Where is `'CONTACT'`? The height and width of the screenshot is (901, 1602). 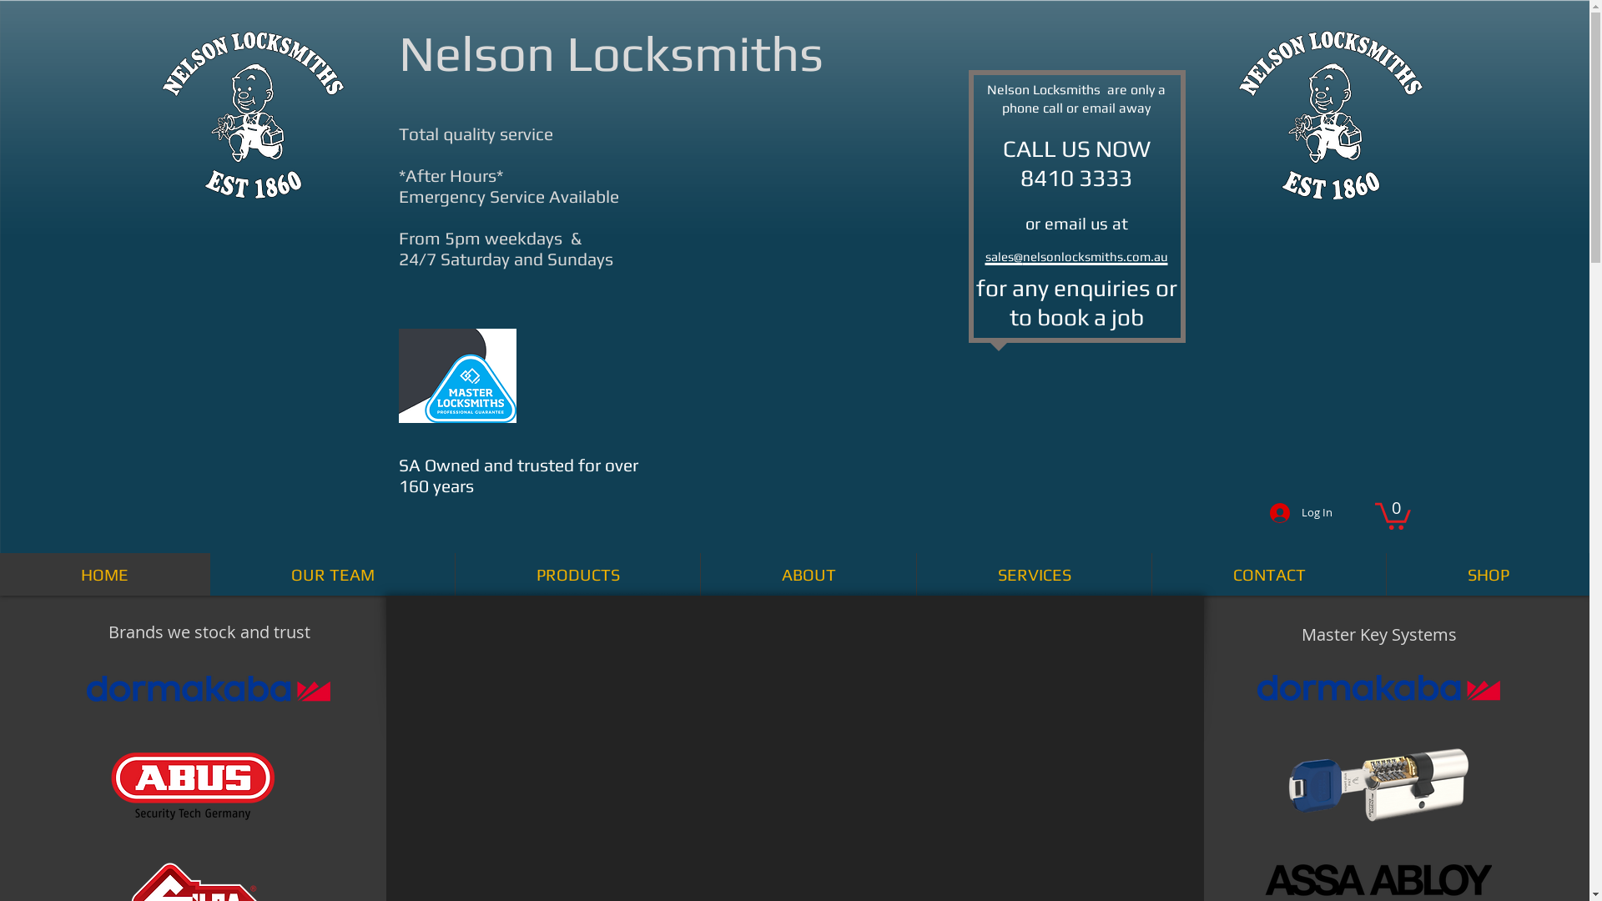
'CONTACT' is located at coordinates (1268, 573).